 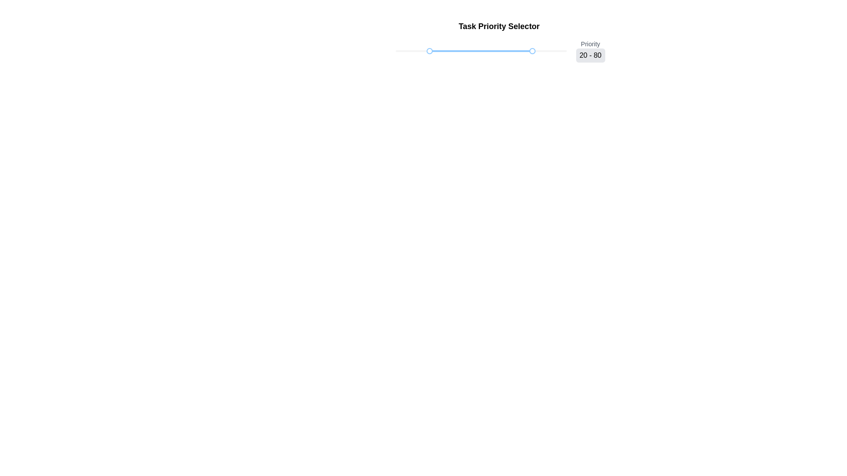 I want to click on the slider, so click(x=408, y=51).